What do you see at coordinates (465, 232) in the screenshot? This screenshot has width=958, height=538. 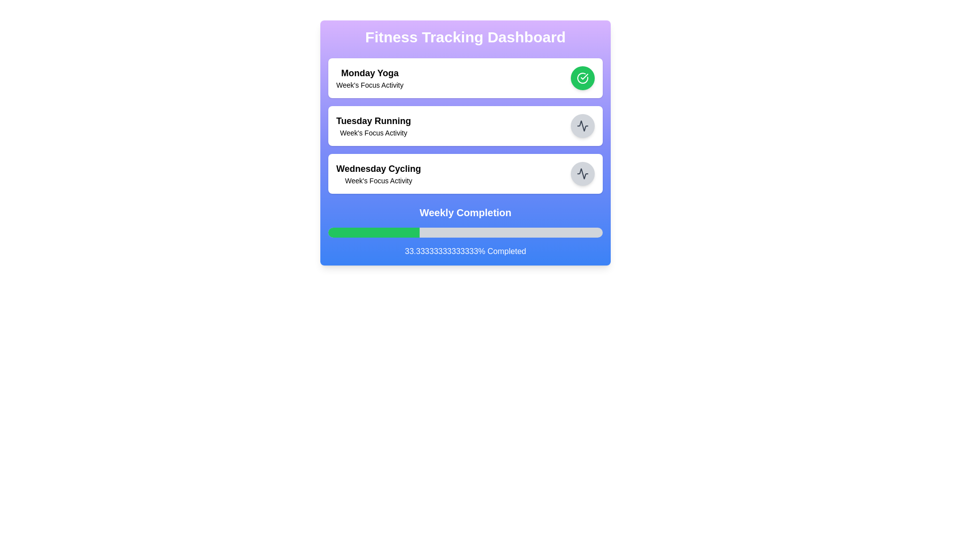 I see `the horizontal progress bar located below 'Weekly Completion' and above '33.33333333333333% Completed', which is styled as a rounded-rectangle with a gray background and a green filled segment indicating progress` at bounding box center [465, 232].